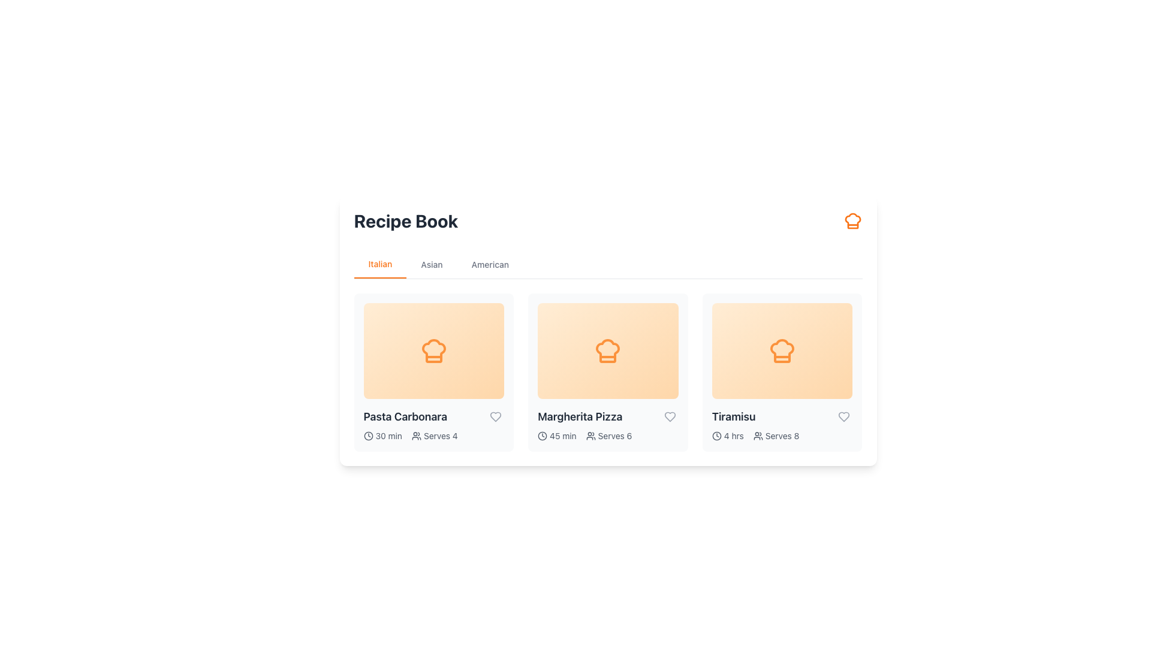 This screenshot has height=647, width=1151. What do you see at coordinates (843, 416) in the screenshot?
I see `the heart icon located in the bottom-right corner of the 'Tiramisu' card, which serves as a visual indicator for a 'like' or 'favorite' action` at bounding box center [843, 416].